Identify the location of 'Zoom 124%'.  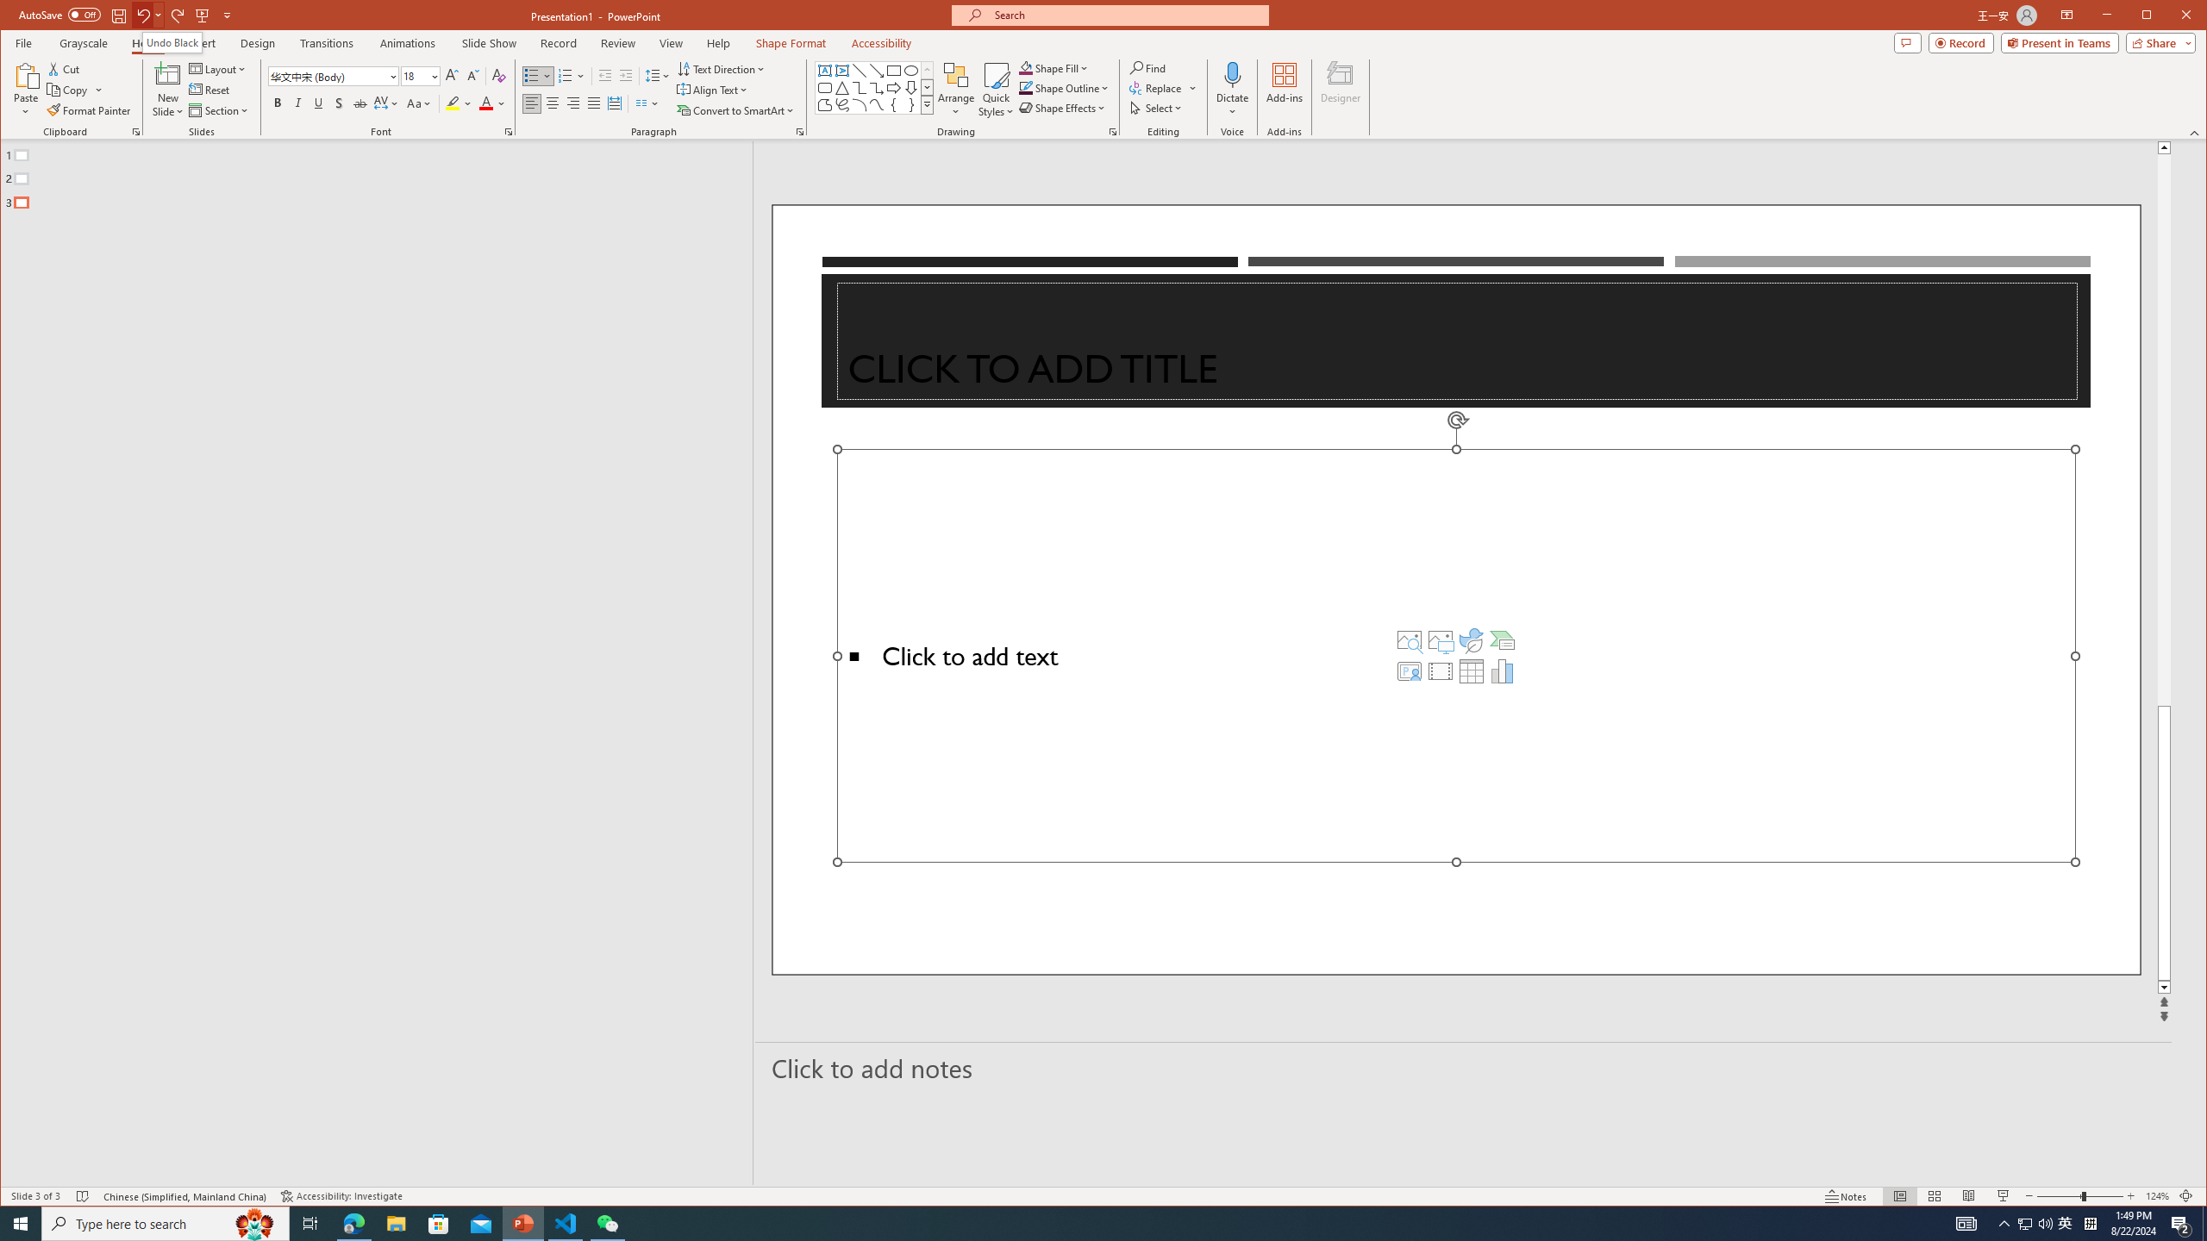
(2157, 1195).